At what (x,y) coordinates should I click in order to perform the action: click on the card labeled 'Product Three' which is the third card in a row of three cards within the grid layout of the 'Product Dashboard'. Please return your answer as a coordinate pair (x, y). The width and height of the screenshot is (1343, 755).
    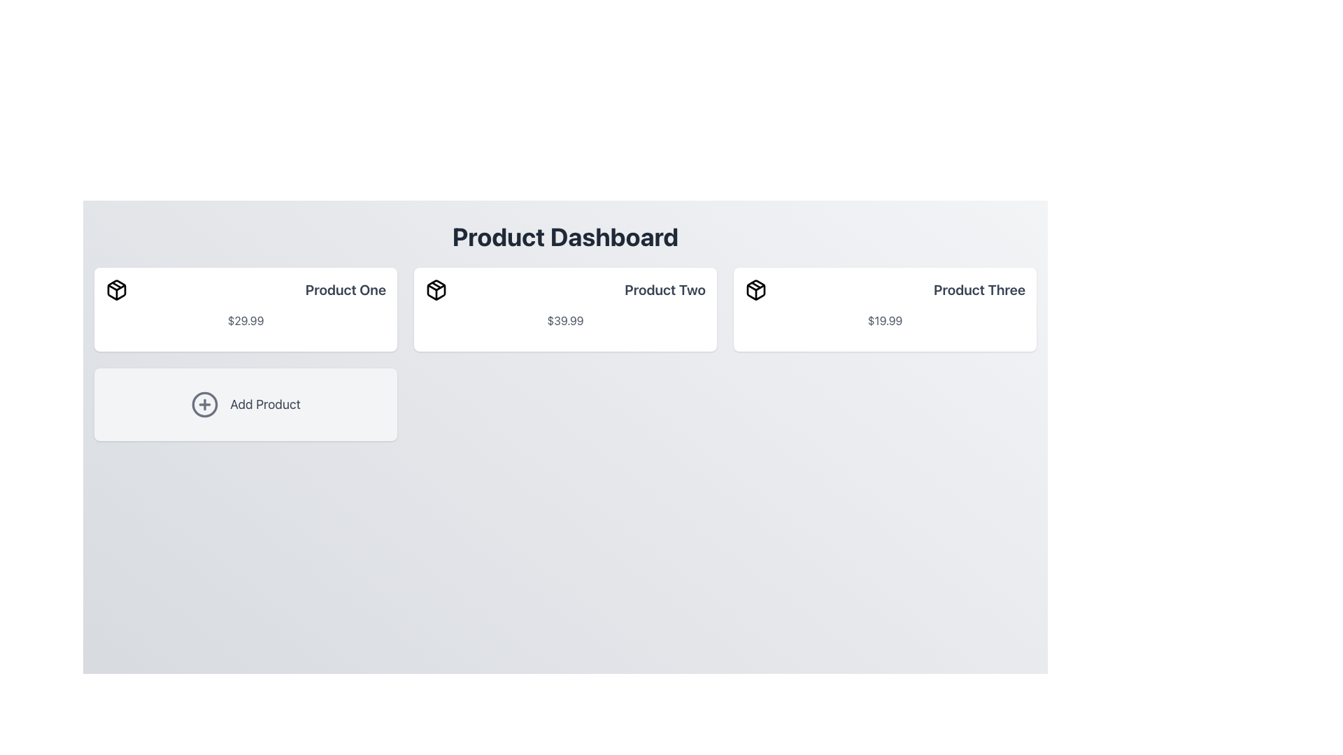
    Looking at the image, I should click on (884, 309).